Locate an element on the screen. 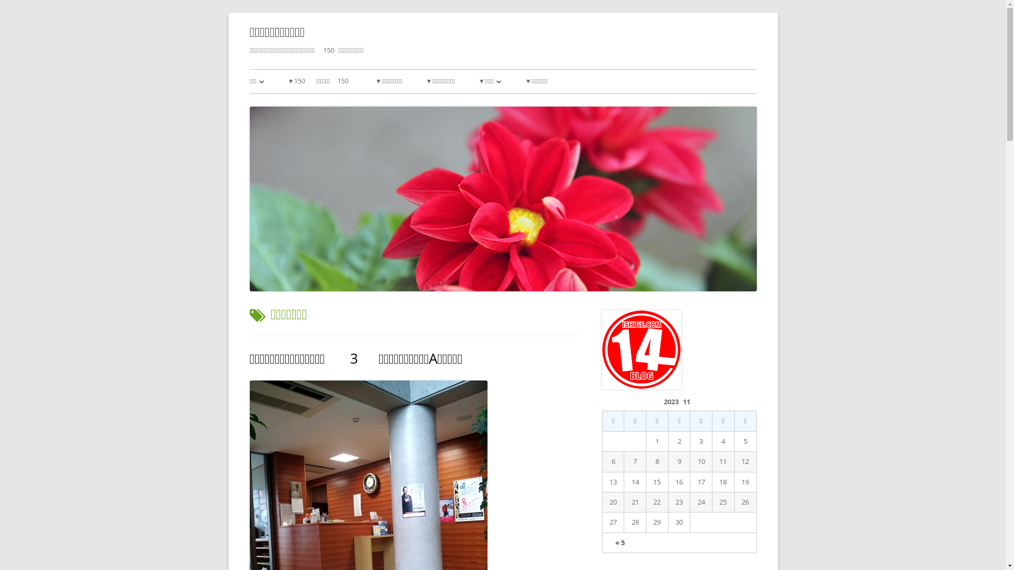 The width and height of the screenshot is (1014, 570). '14ge.com Blog icon' is located at coordinates (641, 350).